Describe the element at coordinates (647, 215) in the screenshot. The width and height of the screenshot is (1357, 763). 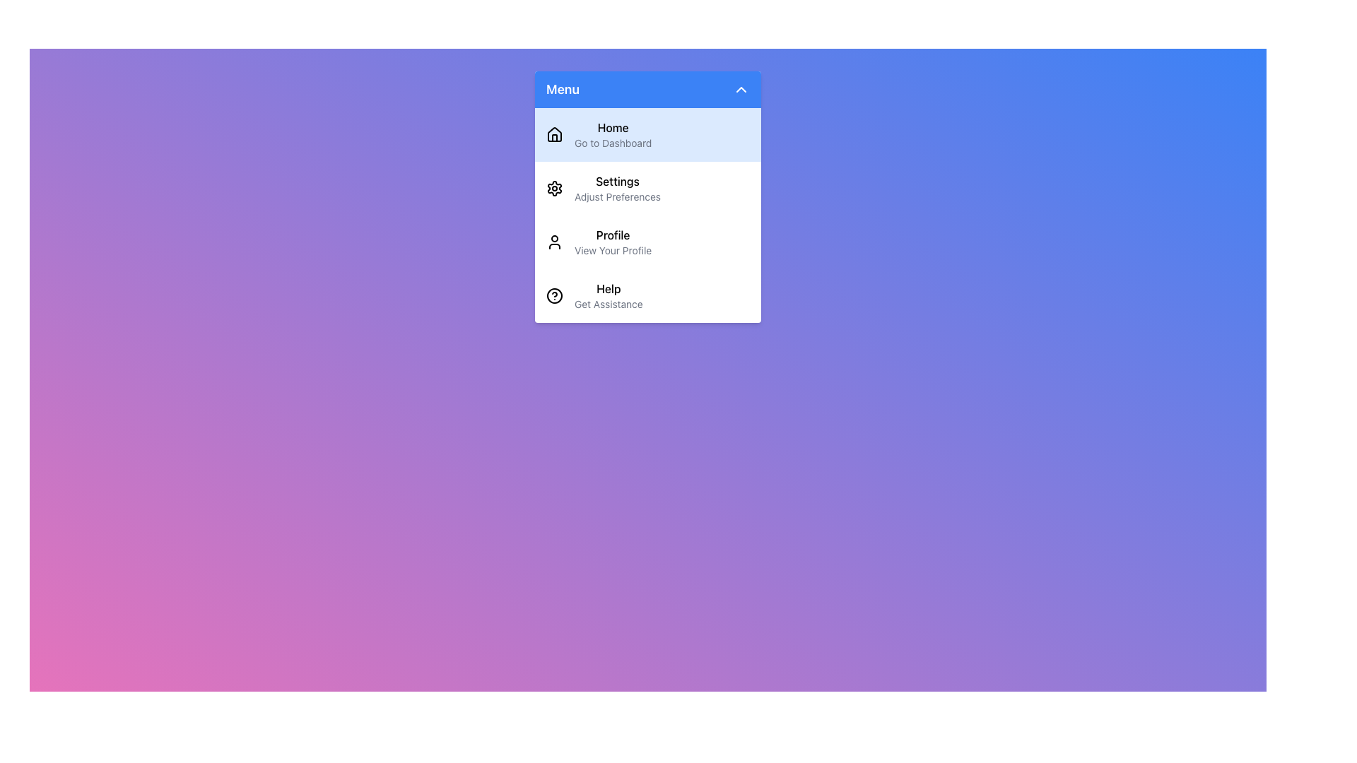
I see `the second menu item labeled 'Settings' in the vertical menu under 'Menu'` at that location.